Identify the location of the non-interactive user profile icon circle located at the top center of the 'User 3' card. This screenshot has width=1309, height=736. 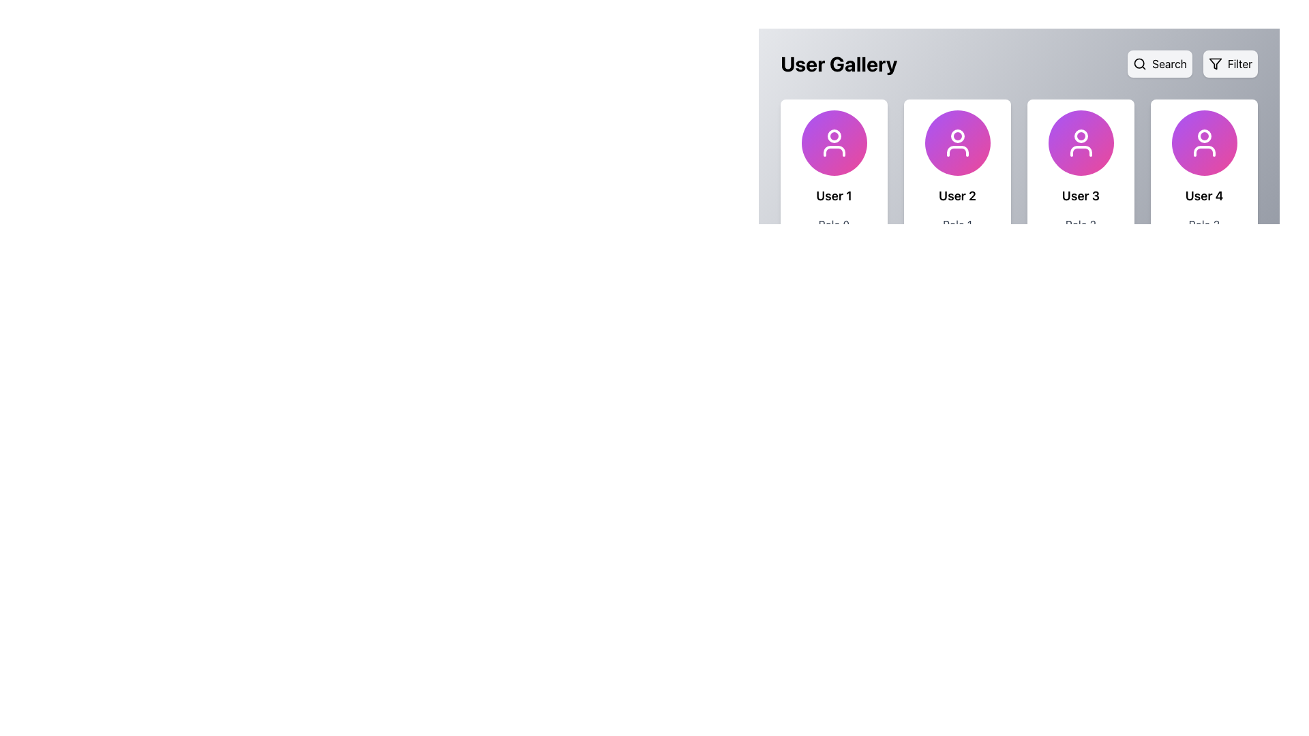
(1080, 136).